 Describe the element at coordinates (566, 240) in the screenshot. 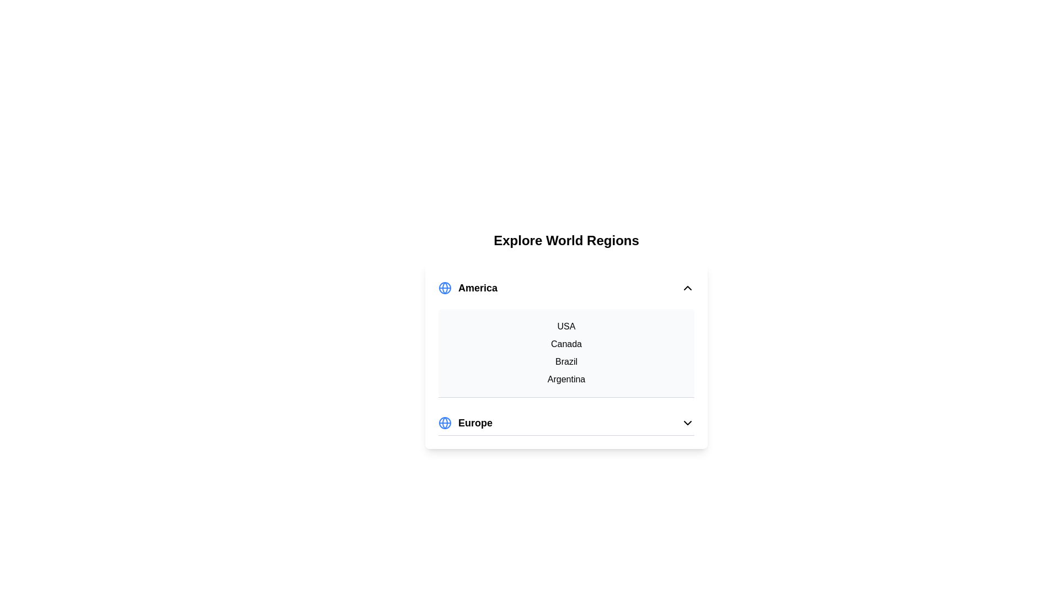

I see `the header text 'Explore World Regions'` at that location.